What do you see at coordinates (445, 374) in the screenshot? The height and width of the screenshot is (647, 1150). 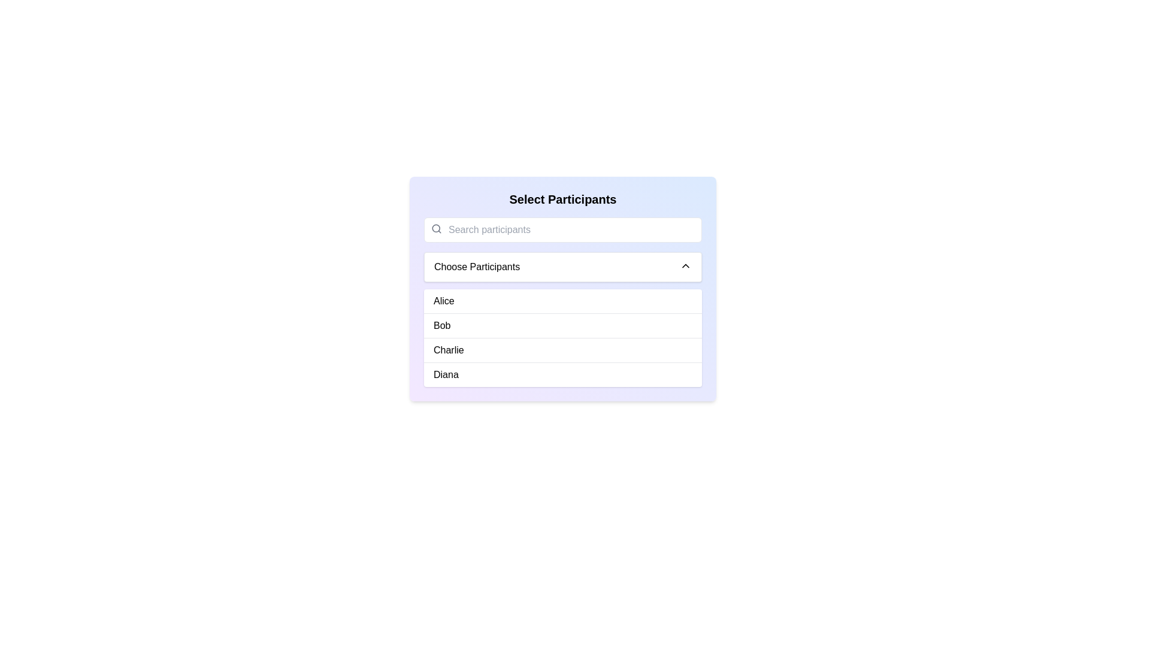 I see `the text label 'Diana' which is the fourth entry under 'Choose Participants'` at bounding box center [445, 374].